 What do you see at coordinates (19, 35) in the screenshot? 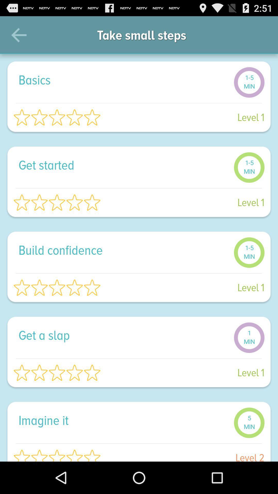
I see `the item to the left of take small steps` at bounding box center [19, 35].